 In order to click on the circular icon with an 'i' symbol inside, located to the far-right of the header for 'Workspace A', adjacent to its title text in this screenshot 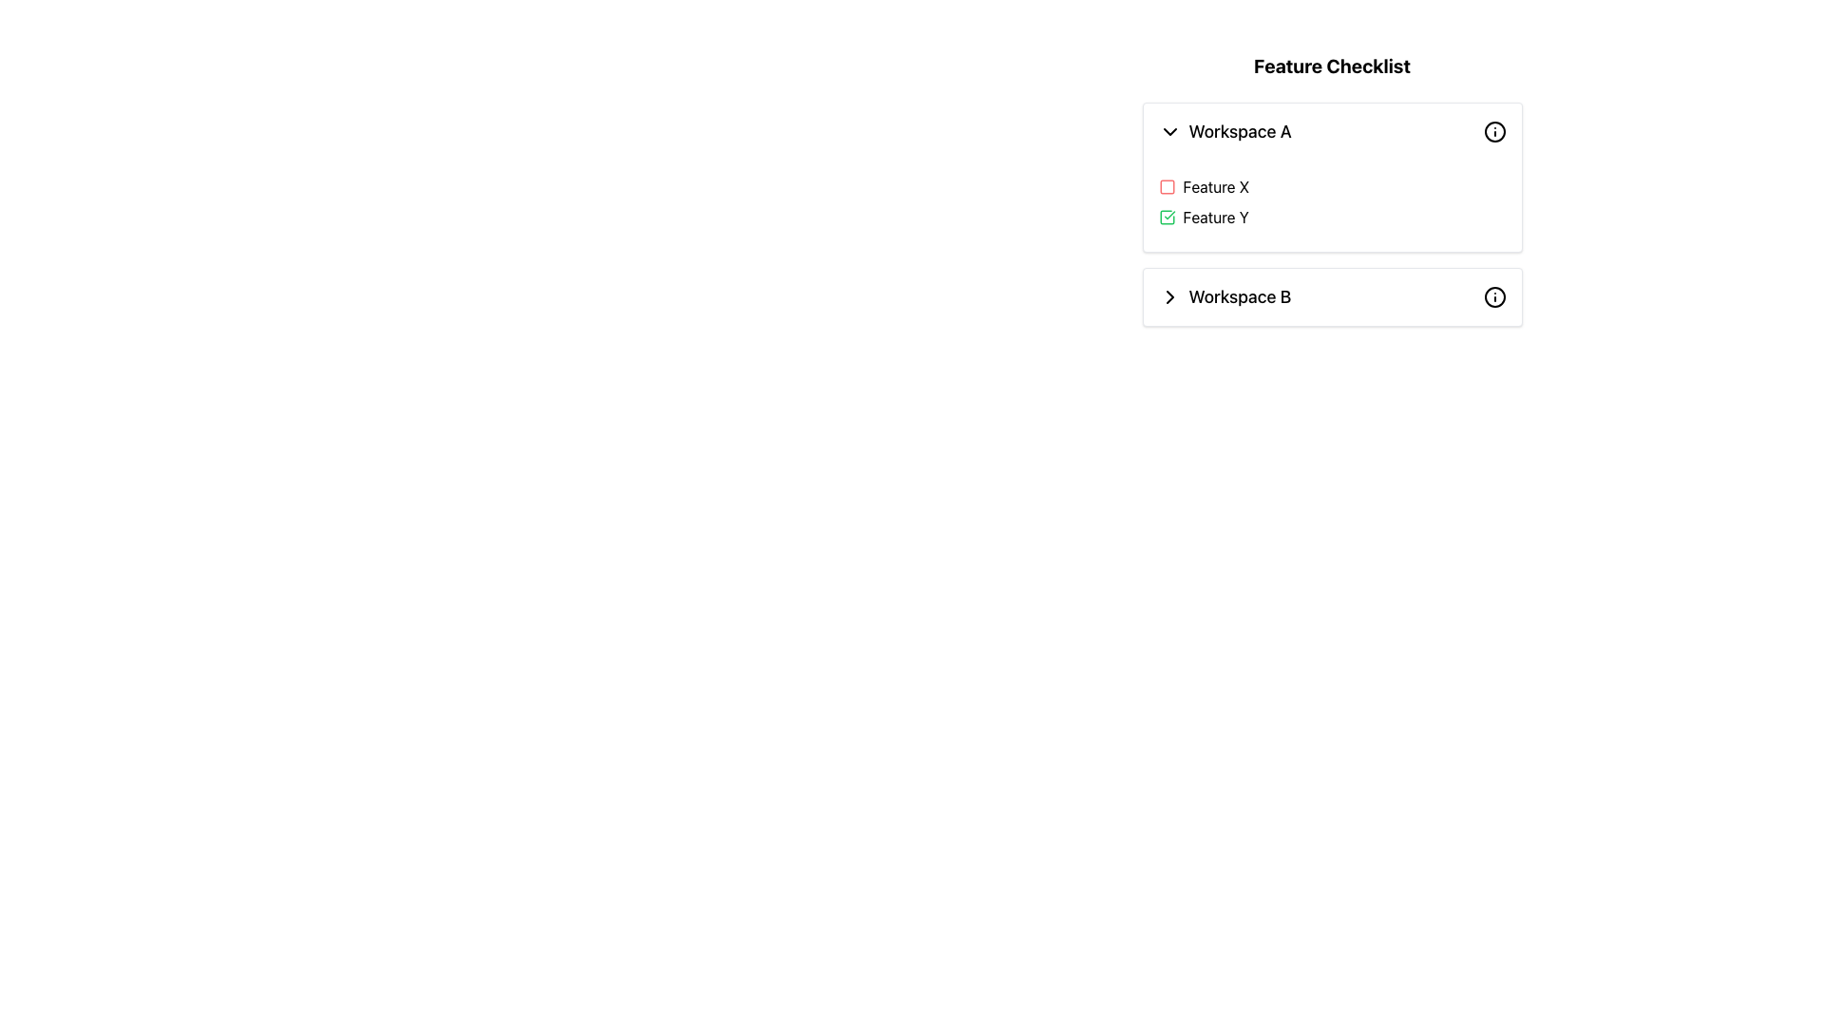, I will do `click(1493, 130)`.